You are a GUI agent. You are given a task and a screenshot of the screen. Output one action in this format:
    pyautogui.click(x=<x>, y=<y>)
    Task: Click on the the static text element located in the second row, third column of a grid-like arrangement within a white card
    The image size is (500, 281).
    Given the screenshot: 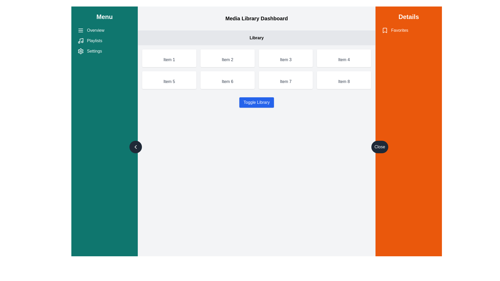 What is the action you would take?
    pyautogui.click(x=285, y=81)
    